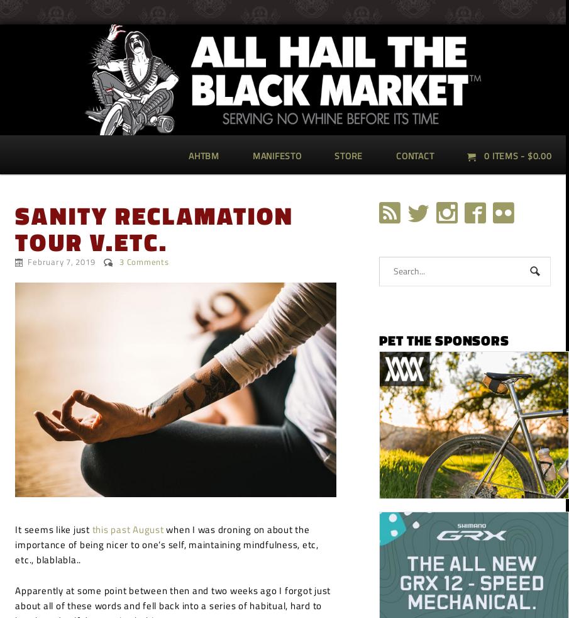 The height and width of the screenshot is (618, 569). I want to click on '0.00', so click(542, 155).